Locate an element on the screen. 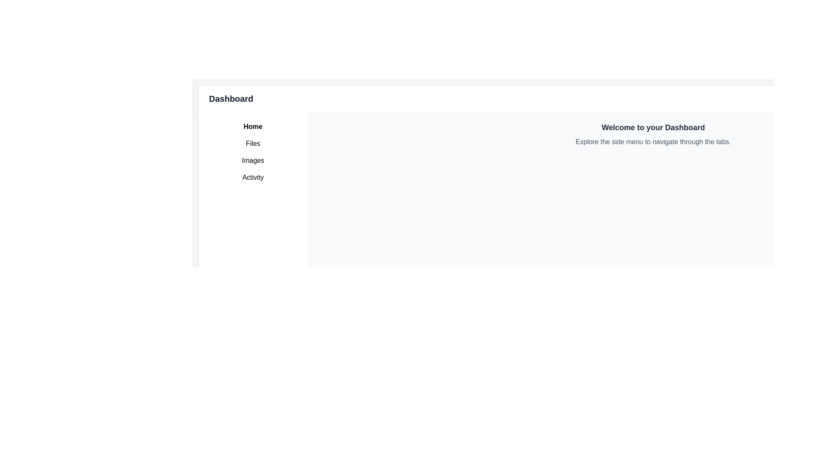 The image size is (814, 458). the text label that serves as a title or heading, located in the leftmost section of the top bar is located at coordinates (231, 98).